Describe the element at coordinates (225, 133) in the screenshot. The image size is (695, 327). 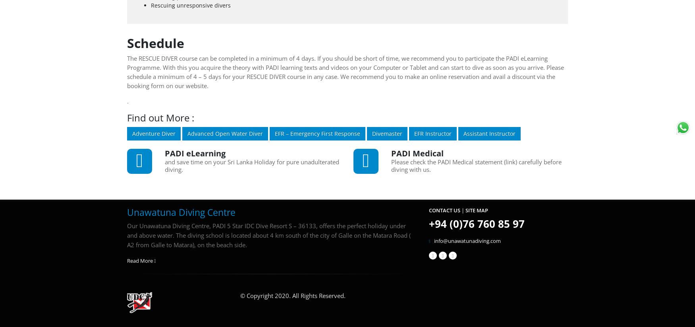
I see `'Advanced Open Water Diver'` at that location.